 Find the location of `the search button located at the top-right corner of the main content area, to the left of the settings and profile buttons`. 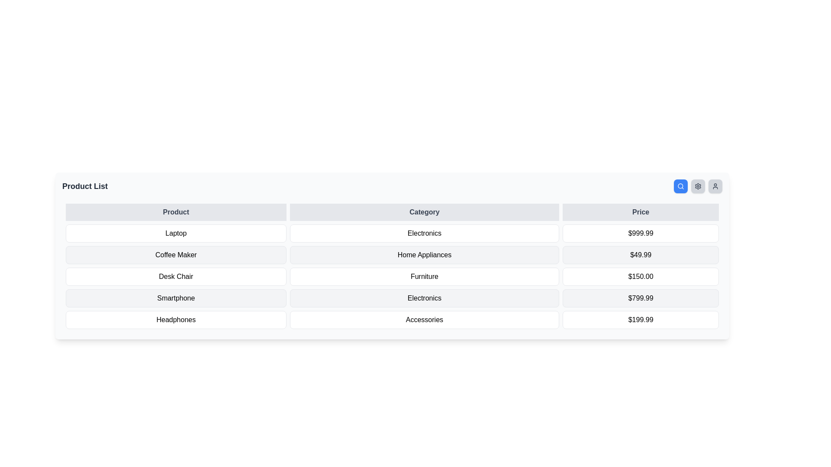

the search button located at the top-right corner of the main content area, to the left of the settings and profile buttons is located at coordinates (680, 186).